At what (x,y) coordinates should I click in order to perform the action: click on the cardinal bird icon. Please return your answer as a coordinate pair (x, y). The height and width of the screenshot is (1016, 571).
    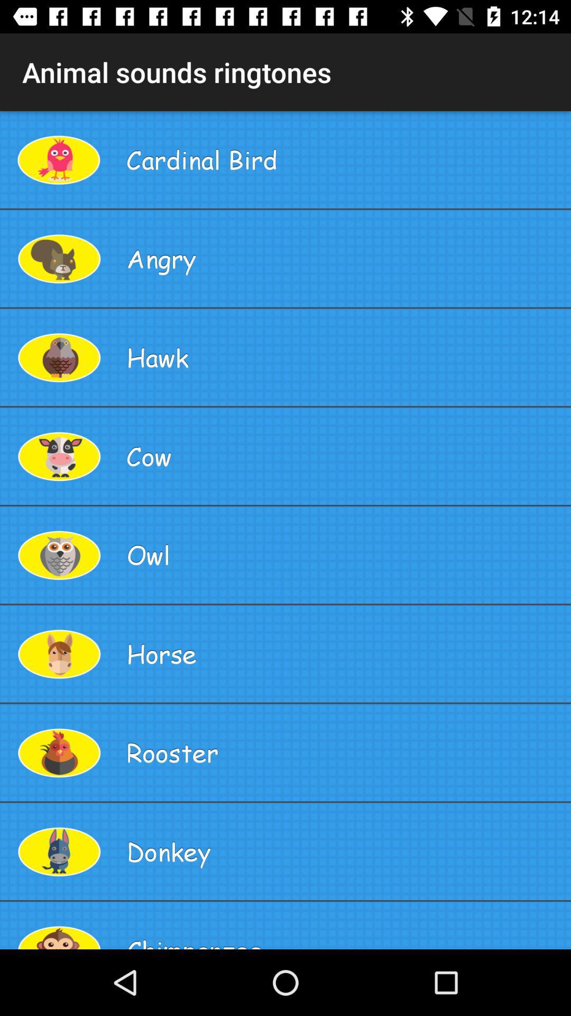
    Looking at the image, I should click on (344, 159).